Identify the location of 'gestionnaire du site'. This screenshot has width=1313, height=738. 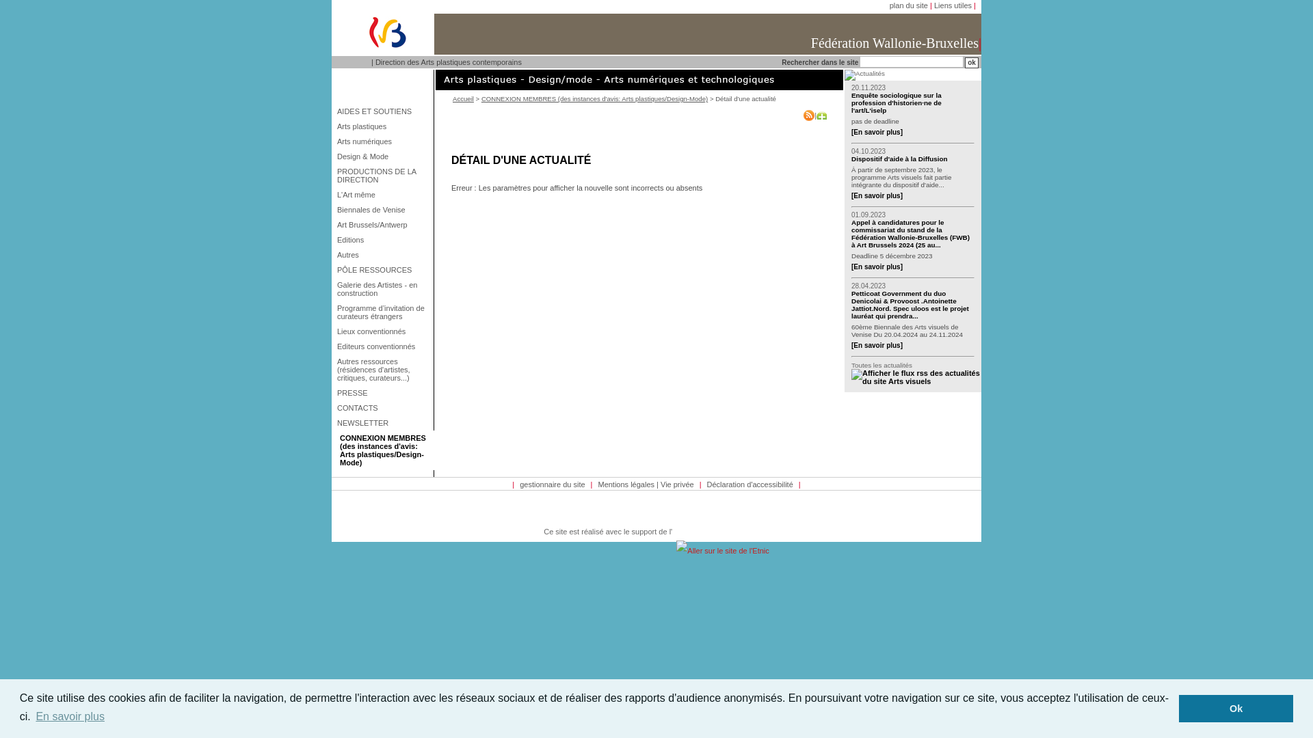
(552, 484).